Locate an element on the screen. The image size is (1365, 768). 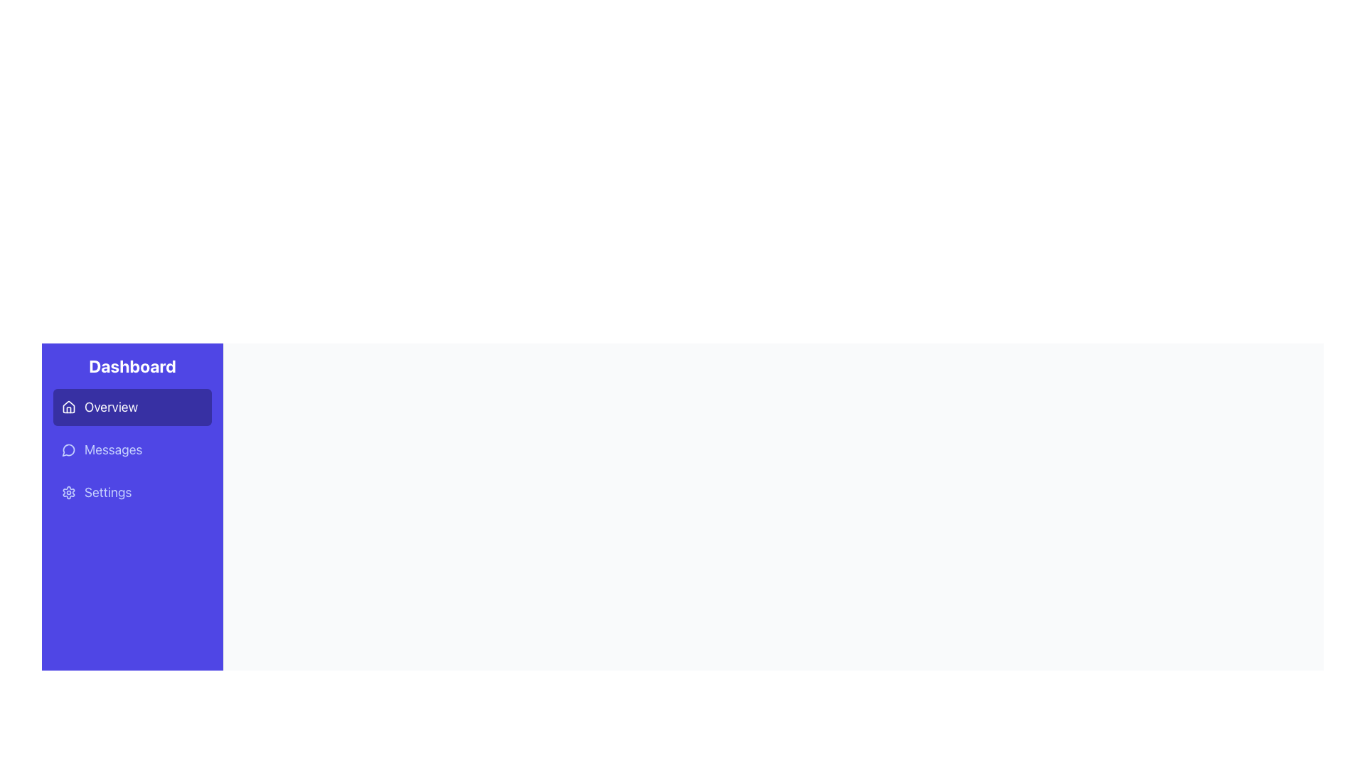
the 'Messages' option in the Navigation menu is located at coordinates (132, 449).